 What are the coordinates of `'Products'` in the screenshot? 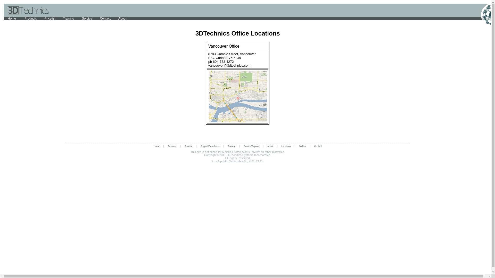 It's located at (30, 18).